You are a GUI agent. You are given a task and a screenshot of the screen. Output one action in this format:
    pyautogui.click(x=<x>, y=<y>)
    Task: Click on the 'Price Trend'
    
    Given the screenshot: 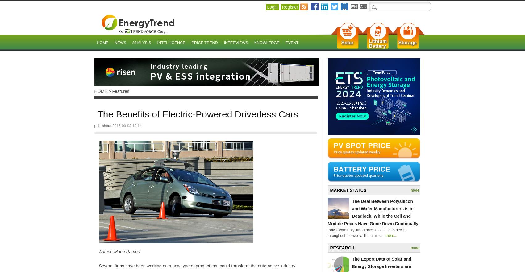 What is the action you would take?
    pyautogui.click(x=204, y=43)
    